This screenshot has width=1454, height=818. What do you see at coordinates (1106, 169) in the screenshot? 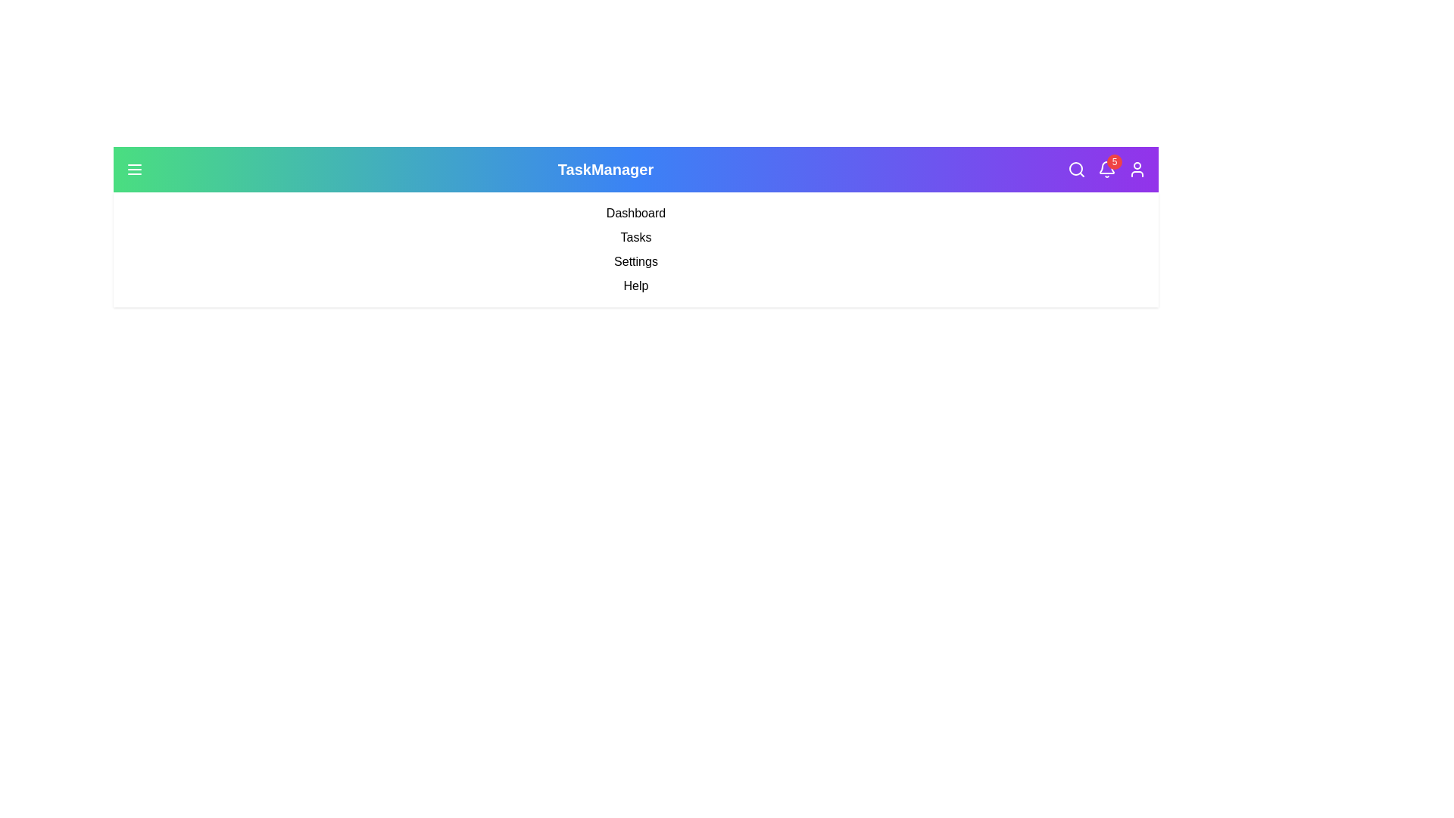
I see `the Notification Indicator located in the rightmost section of the top navigation bar` at bounding box center [1106, 169].